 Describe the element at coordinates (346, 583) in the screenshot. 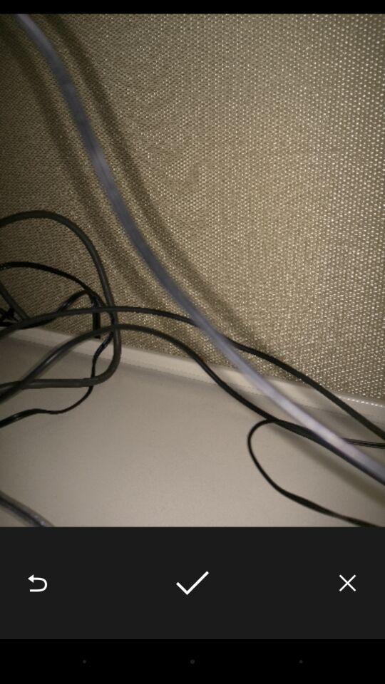

I see `icon at the bottom right corner` at that location.